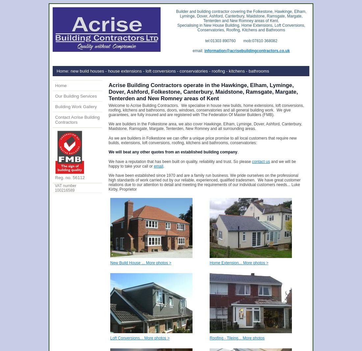  What do you see at coordinates (108, 110) in the screenshot?
I see `'Welcome to Acrise Building Contractors.  We  specialise in house new  builds, home extensions, loft conversions, roofing, kitchens and  bathrooms, doors, windows, conservatories and all general building work.  We give guarantees, are fully  insured and are registered with The Federation Of Master Builders (FMB).'` at bounding box center [108, 110].